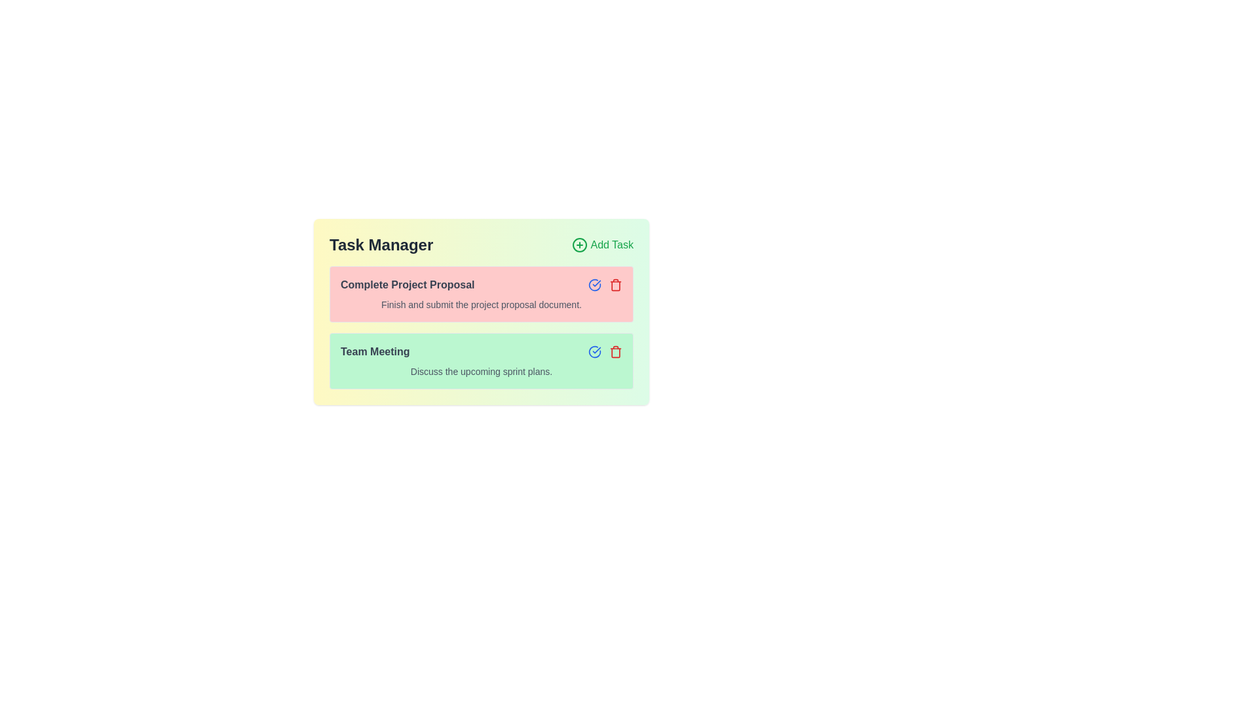 The height and width of the screenshot is (708, 1258). I want to click on the delete icon button located on the right-hand side of the task entry labeled 'Complete Project Proposal', so click(615, 285).